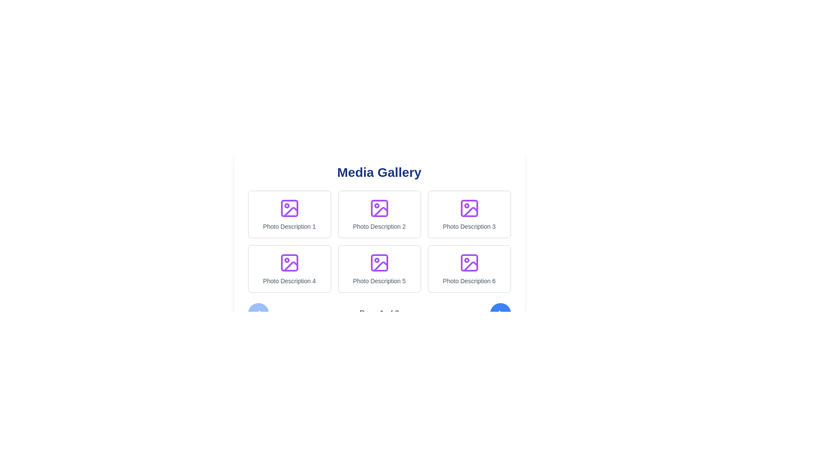 The height and width of the screenshot is (467, 830). What do you see at coordinates (258, 313) in the screenshot?
I see `the circular button containing a left-pointing chevron icon with a blue background` at bounding box center [258, 313].